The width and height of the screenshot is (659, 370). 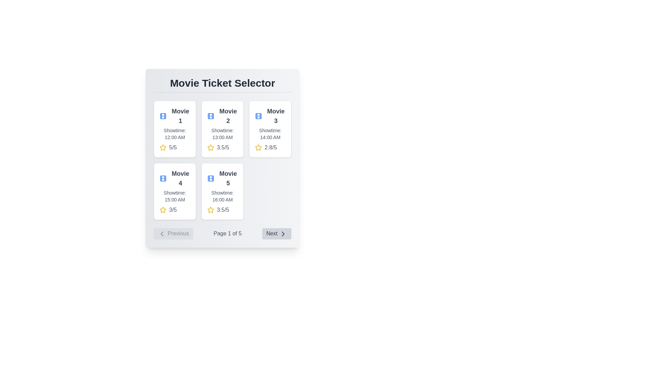 What do you see at coordinates (258, 116) in the screenshot?
I see `the interior rectangle of the movie reel icon` at bounding box center [258, 116].